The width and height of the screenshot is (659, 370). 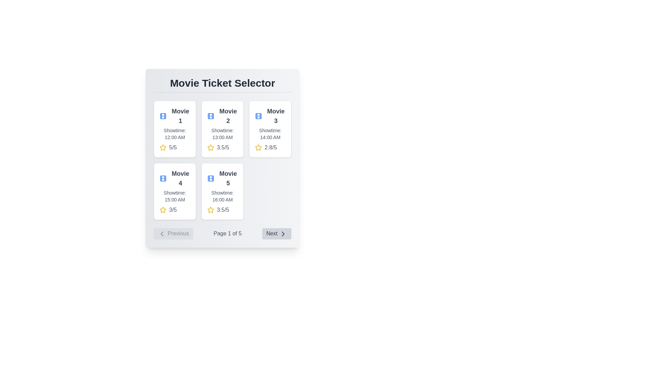 What do you see at coordinates (258, 116) in the screenshot?
I see `the interior rectangle of the movie reel icon` at bounding box center [258, 116].